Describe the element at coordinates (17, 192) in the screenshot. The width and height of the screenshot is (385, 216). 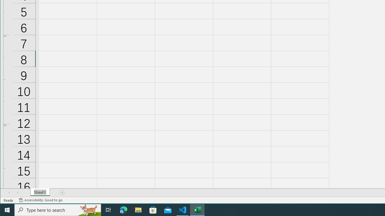
I see `'Scroll Right'` at that location.